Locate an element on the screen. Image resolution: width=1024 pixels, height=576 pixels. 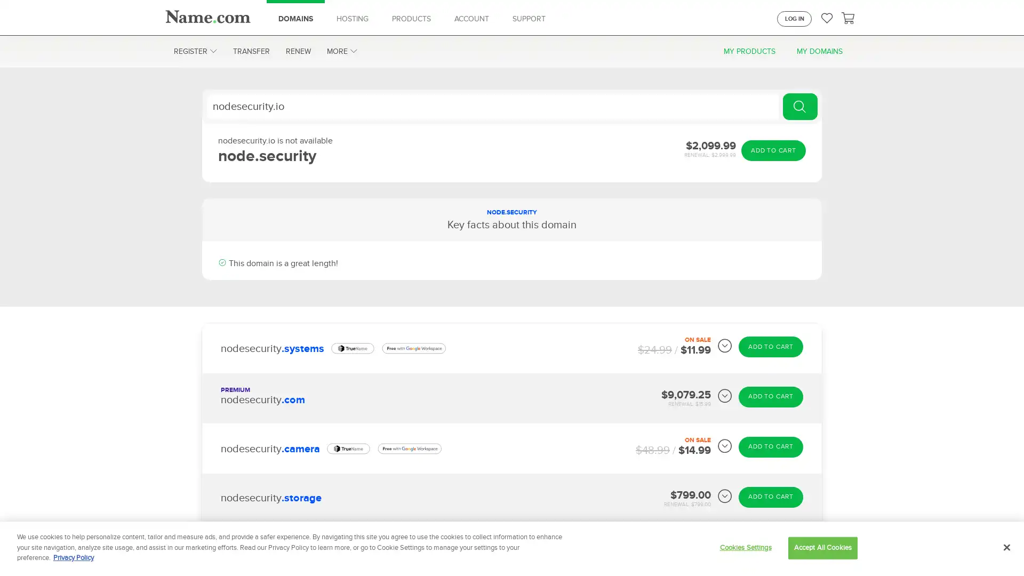
ADD TO CART is located at coordinates (771, 497).